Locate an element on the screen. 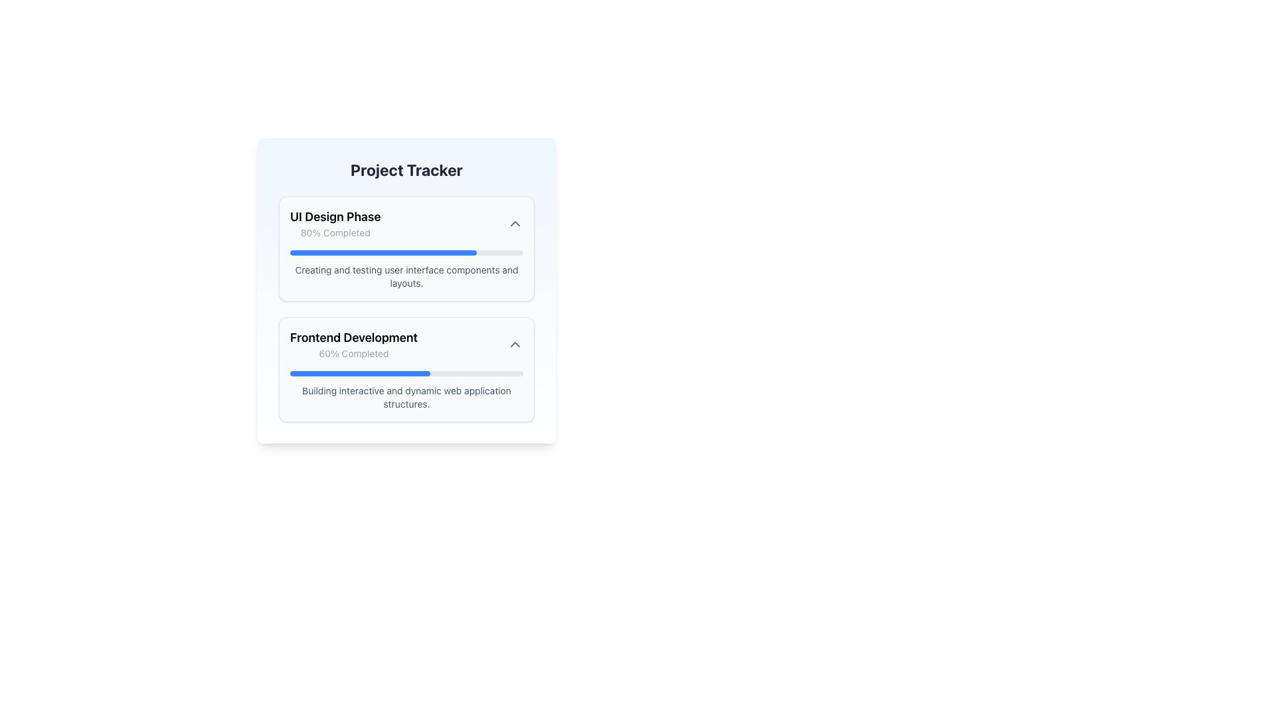  the progress indicators panel is located at coordinates (406, 309).